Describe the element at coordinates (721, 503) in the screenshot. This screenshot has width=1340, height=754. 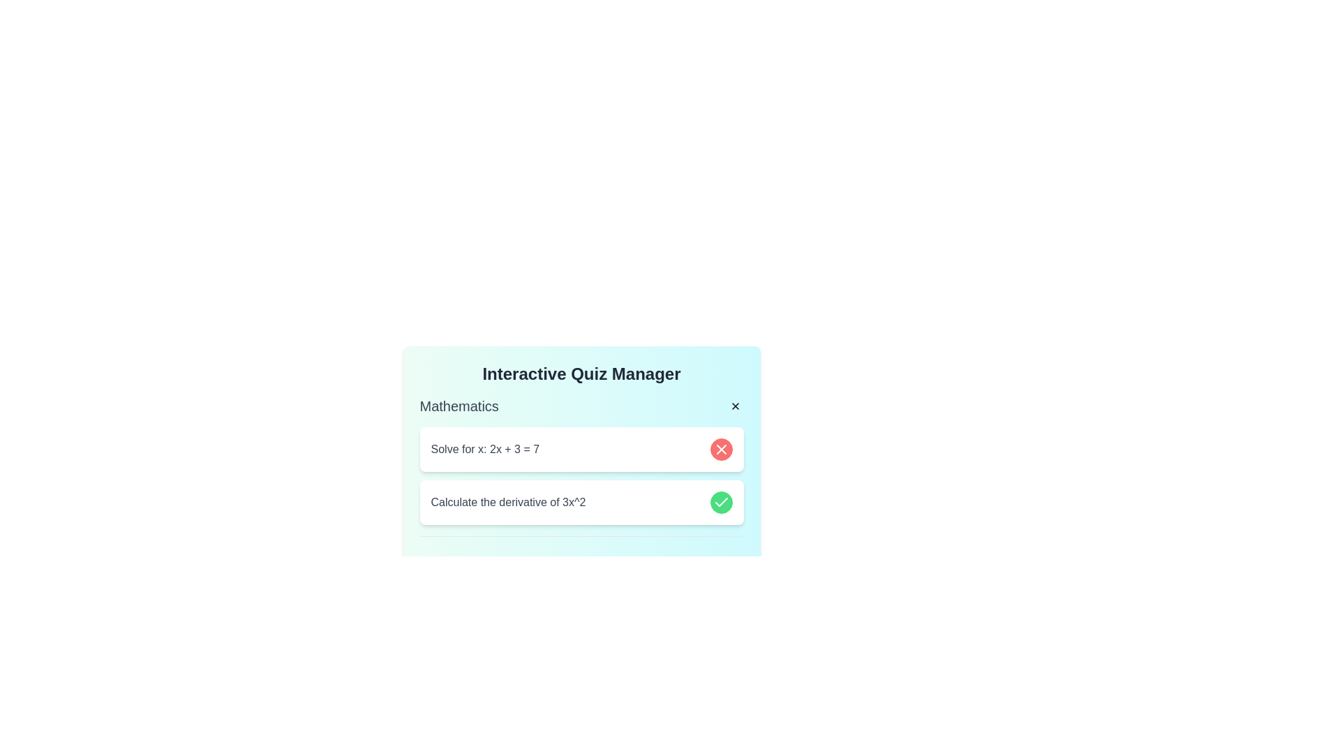
I see `the circular confirmation button with a green background and a white check mark to confirm the action associated with the 'Calculate the derivative of 3x^2' panel` at that location.